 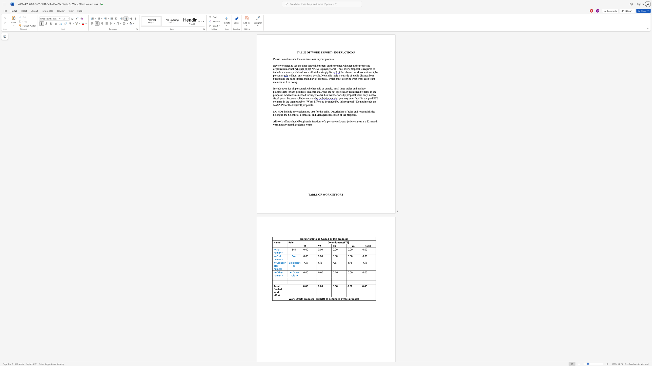 What do you see at coordinates (307, 72) in the screenshot?
I see `the subset text "rk effort tha" within the text "to include a summary table of work effort that simply lists"` at bounding box center [307, 72].